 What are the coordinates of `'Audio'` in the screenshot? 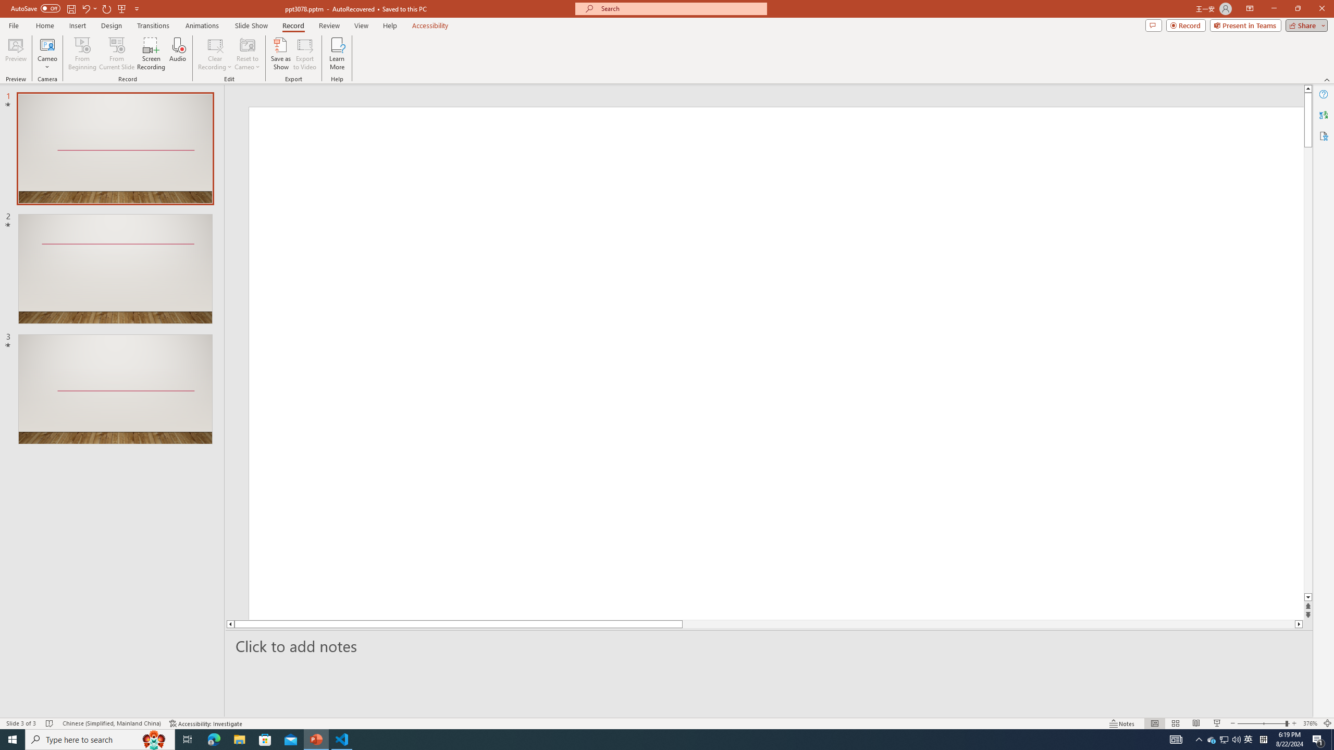 It's located at (177, 54).